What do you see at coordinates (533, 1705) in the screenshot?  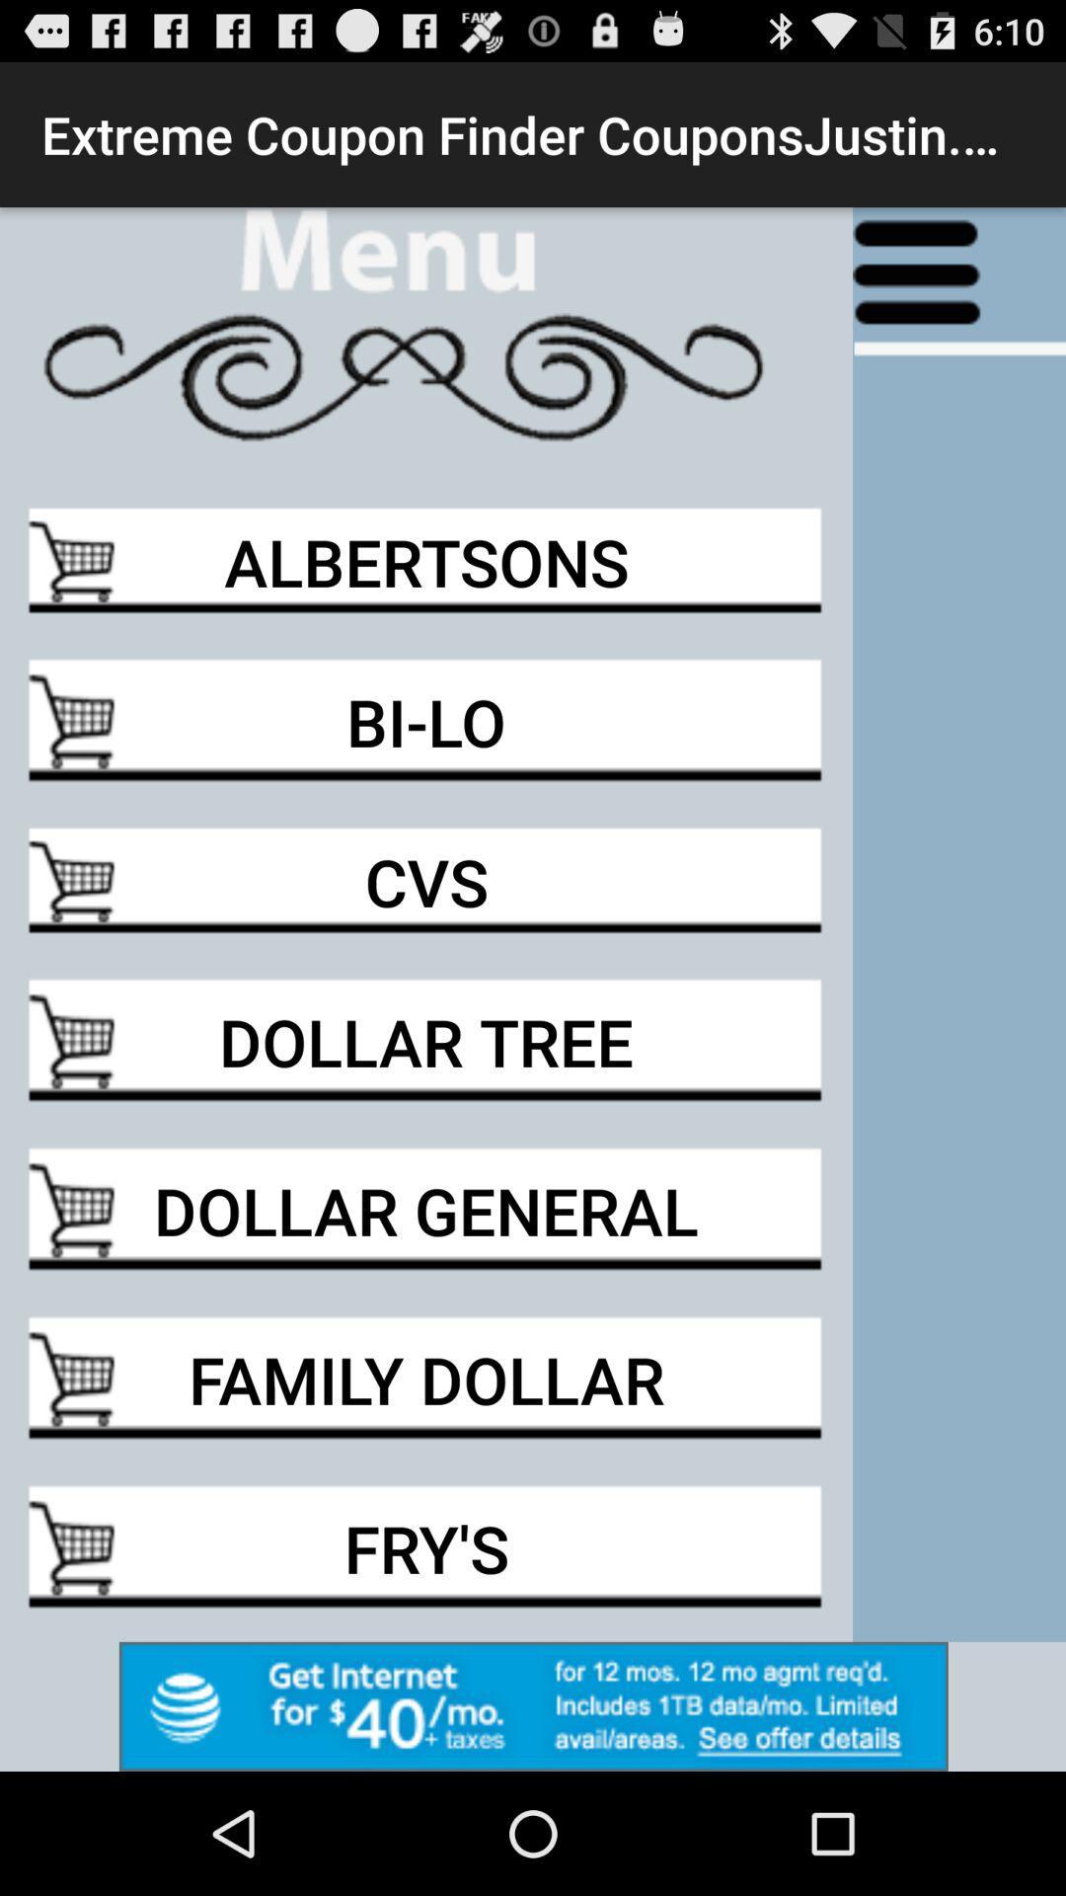 I see `to advertisement box` at bounding box center [533, 1705].